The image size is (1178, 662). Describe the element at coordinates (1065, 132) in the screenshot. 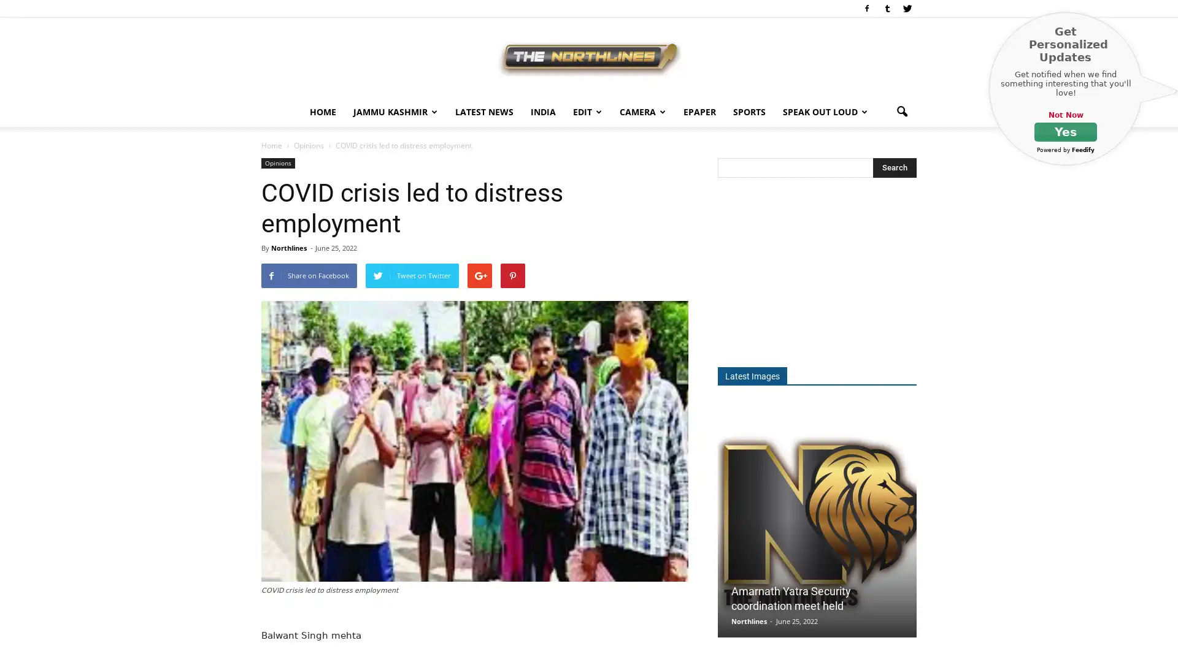

I see `Yes` at that location.